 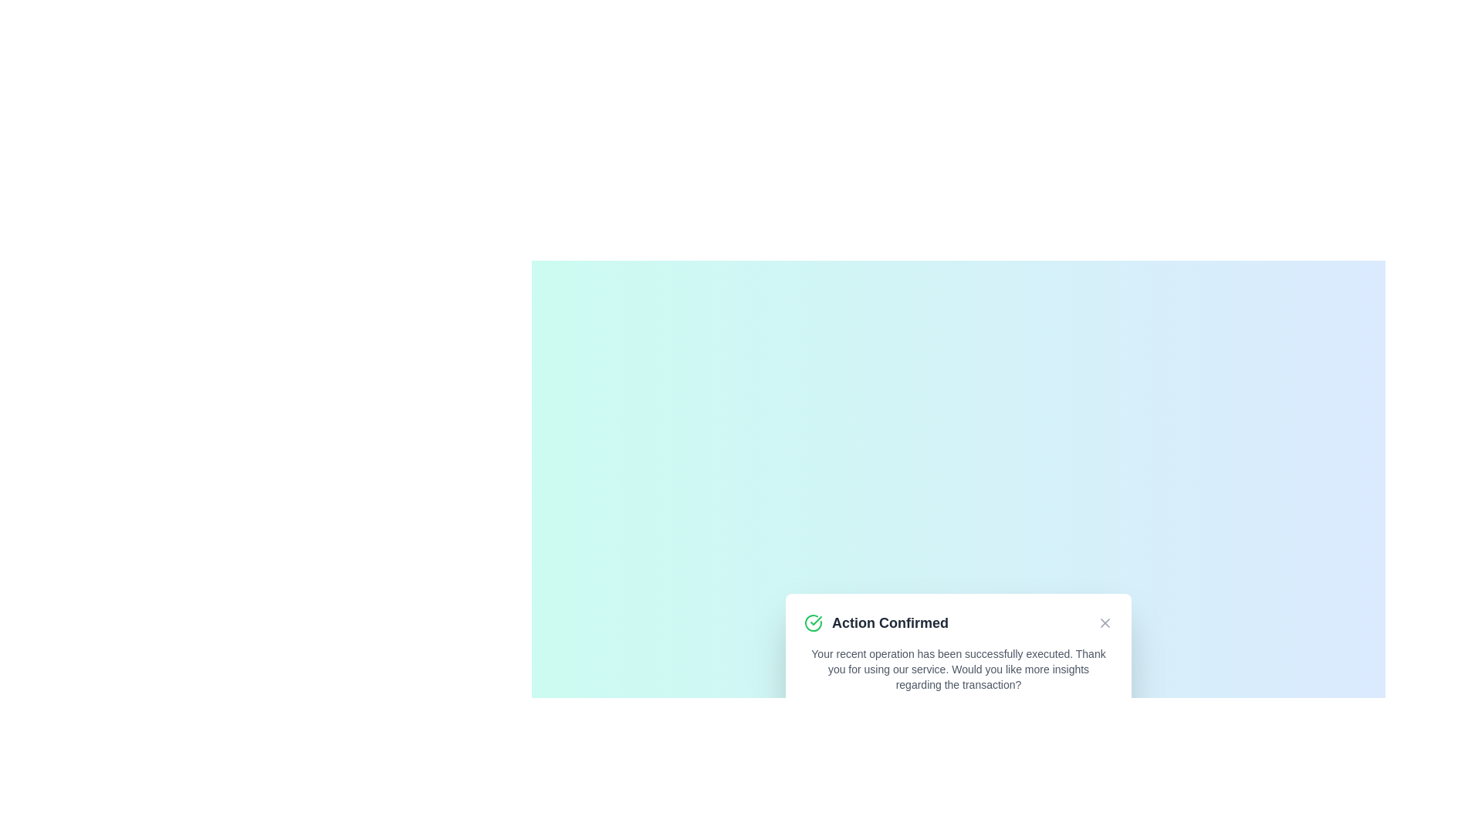 I want to click on the 'More Details' button to expand the details section, so click(x=958, y=723).